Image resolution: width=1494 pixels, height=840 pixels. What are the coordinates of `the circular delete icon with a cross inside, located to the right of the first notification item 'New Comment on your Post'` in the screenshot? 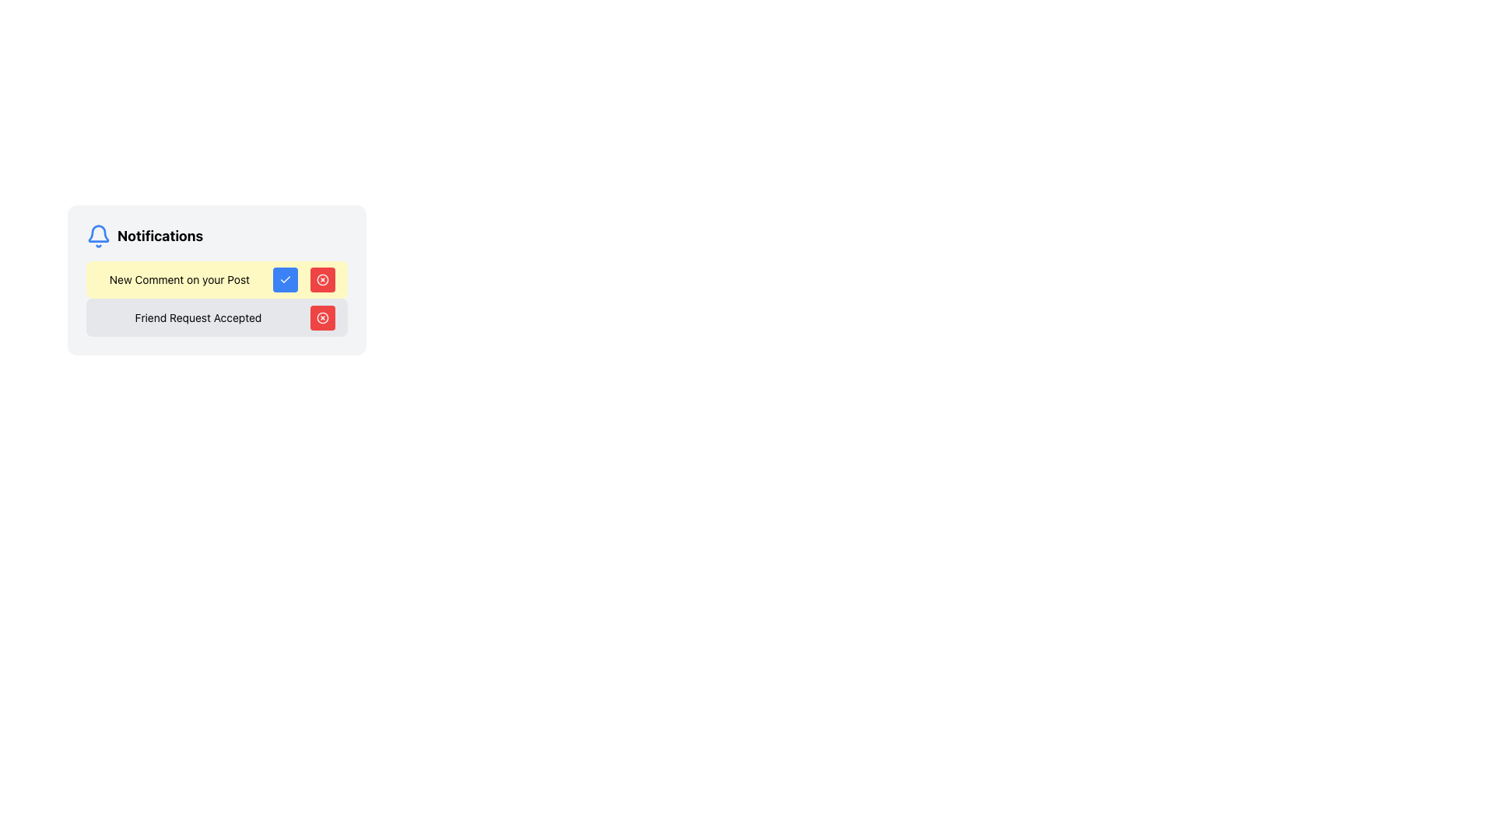 It's located at (321, 278).